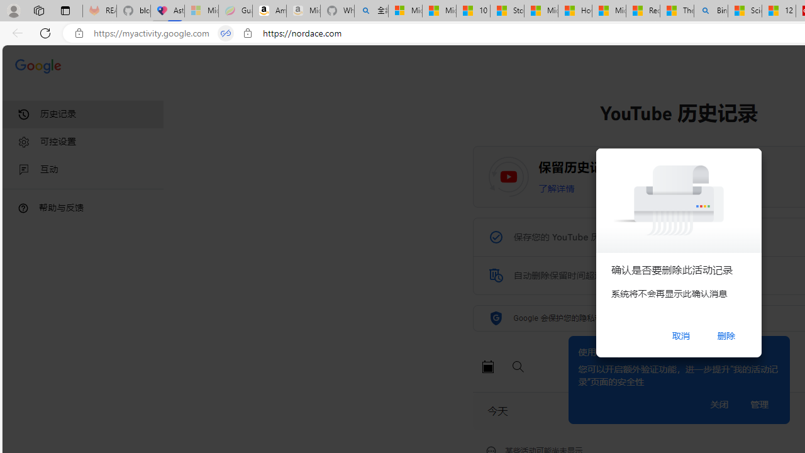  Describe the element at coordinates (574, 11) in the screenshot. I see `'How I Got Rid of Microsoft Edge'` at that location.